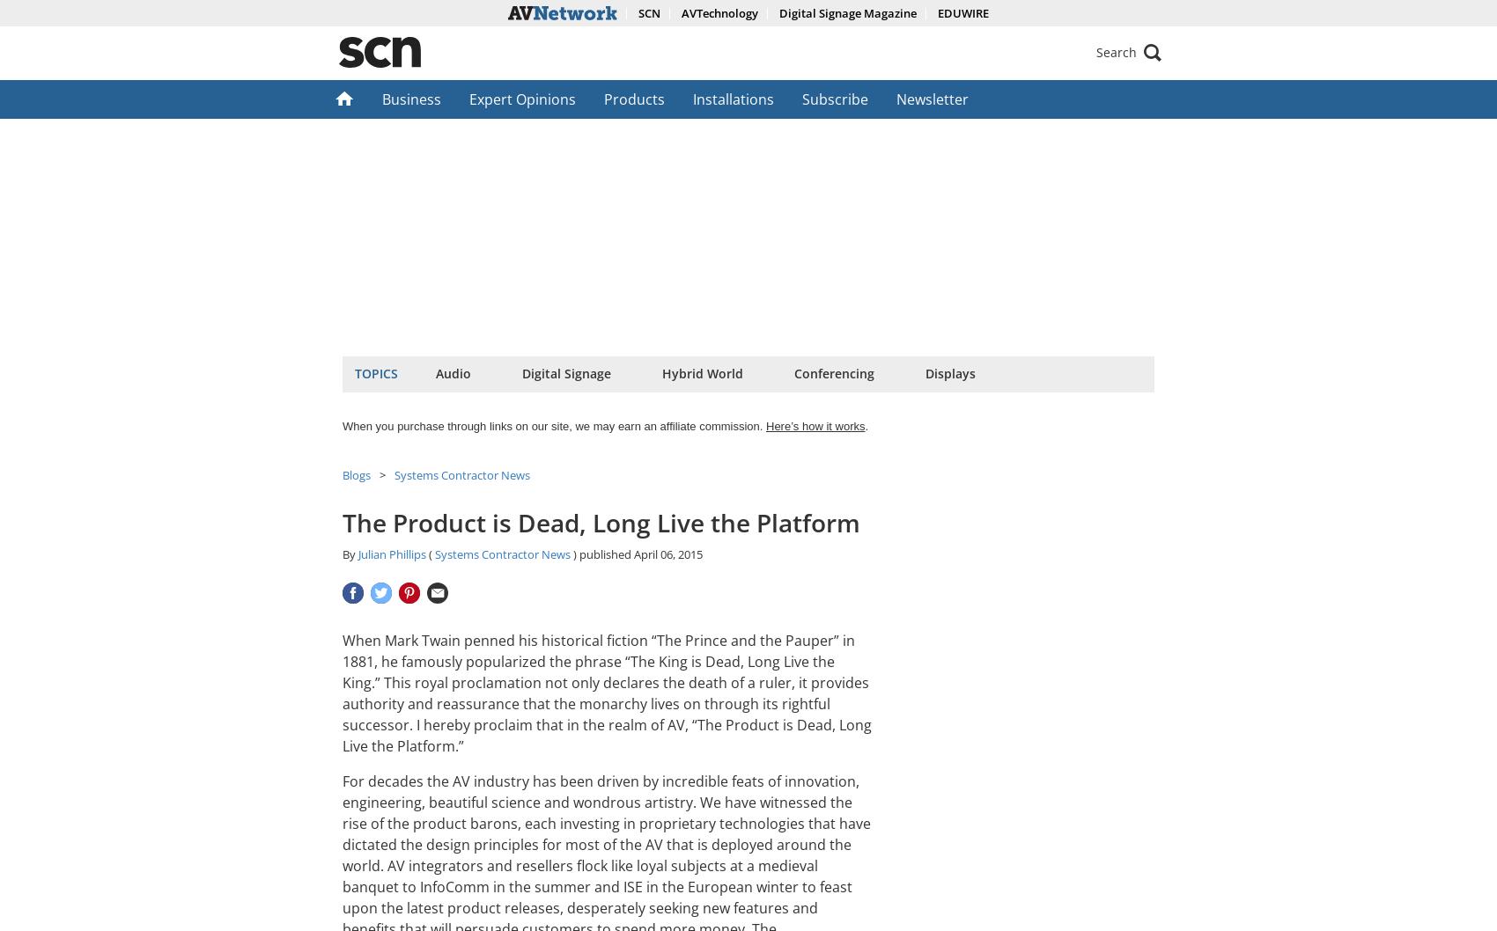 The width and height of the screenshot is (1497, 931). I want to click on 'Topics', so click(376, 373).